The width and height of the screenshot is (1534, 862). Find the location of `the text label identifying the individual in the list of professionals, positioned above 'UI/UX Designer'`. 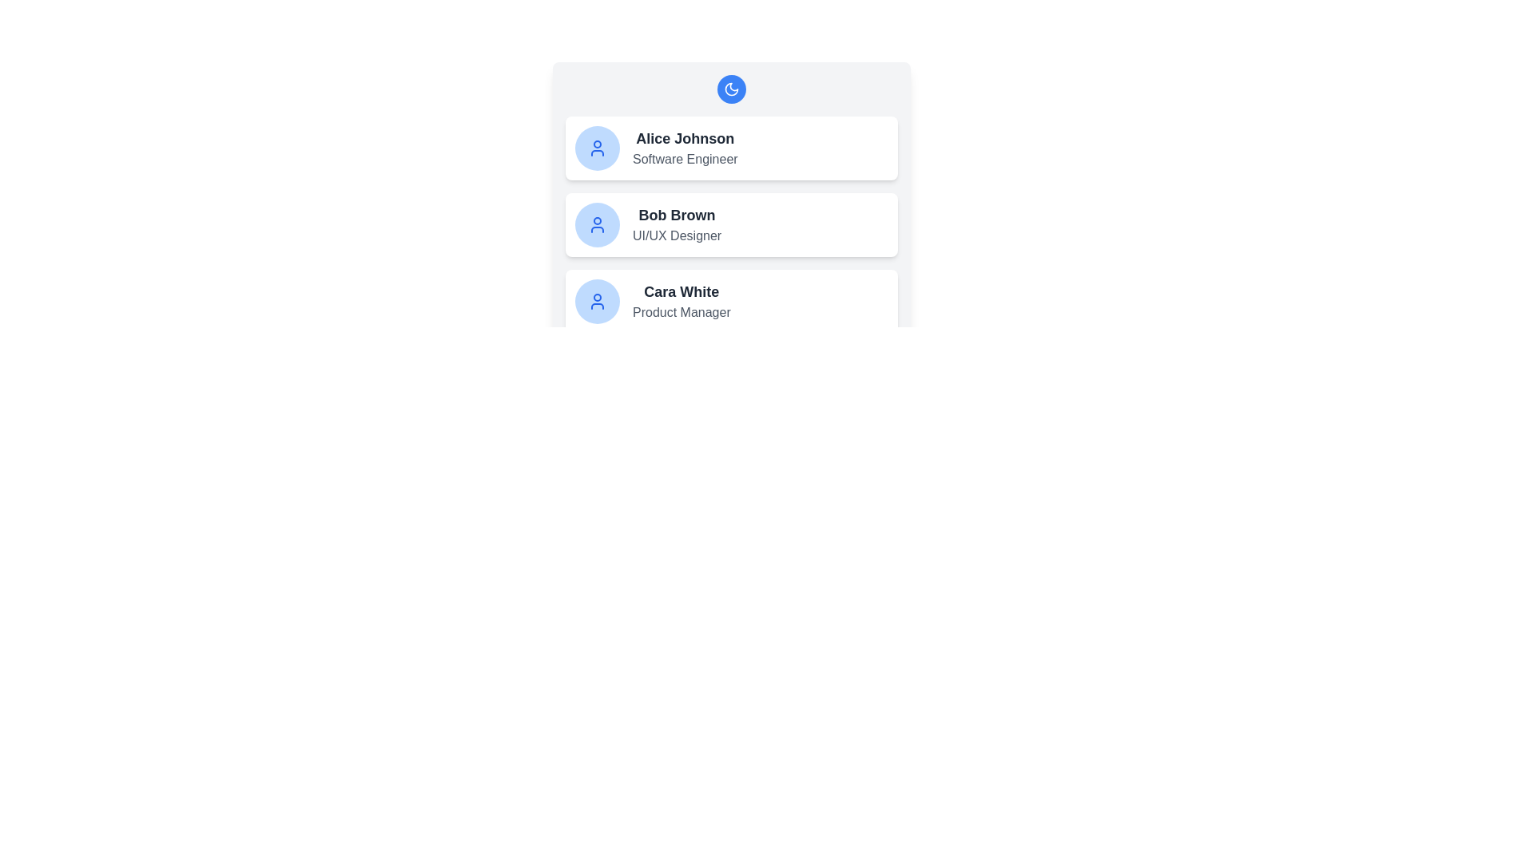

the text label identifying the individual in the list of professionals, positioned above 'UI/UX Designer' is located at coordinates (677, 215).